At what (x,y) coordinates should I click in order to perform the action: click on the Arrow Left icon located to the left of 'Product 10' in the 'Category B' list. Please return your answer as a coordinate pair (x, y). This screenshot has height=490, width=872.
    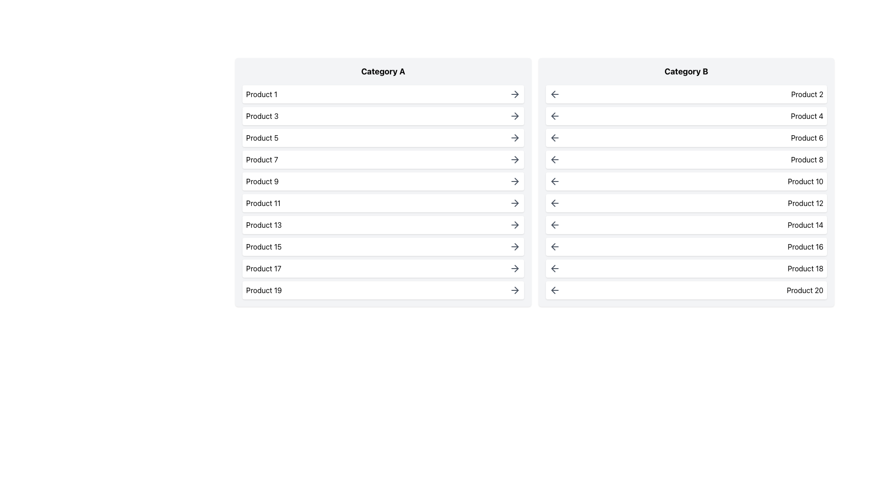
    Looking at the image, I should click on (554, 181).